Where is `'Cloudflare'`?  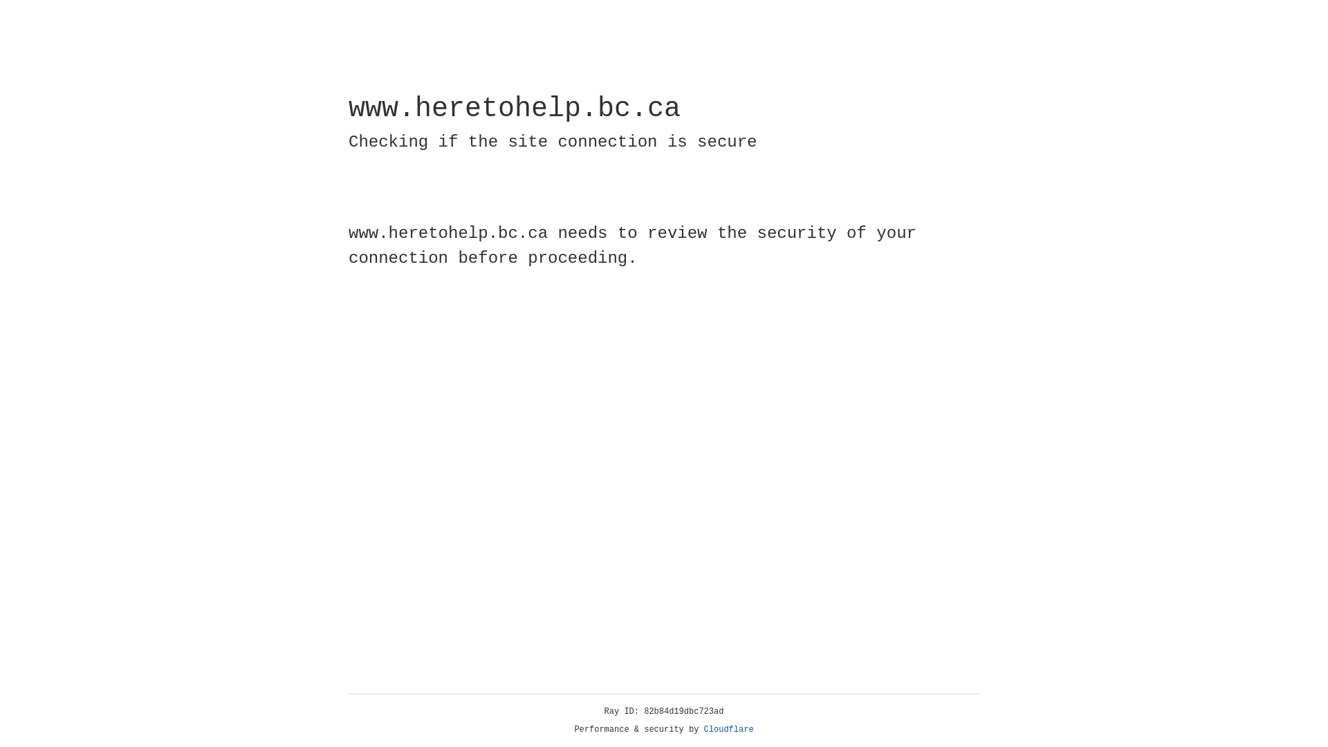
'Cloudflare' is located at coordinates (728, 729).